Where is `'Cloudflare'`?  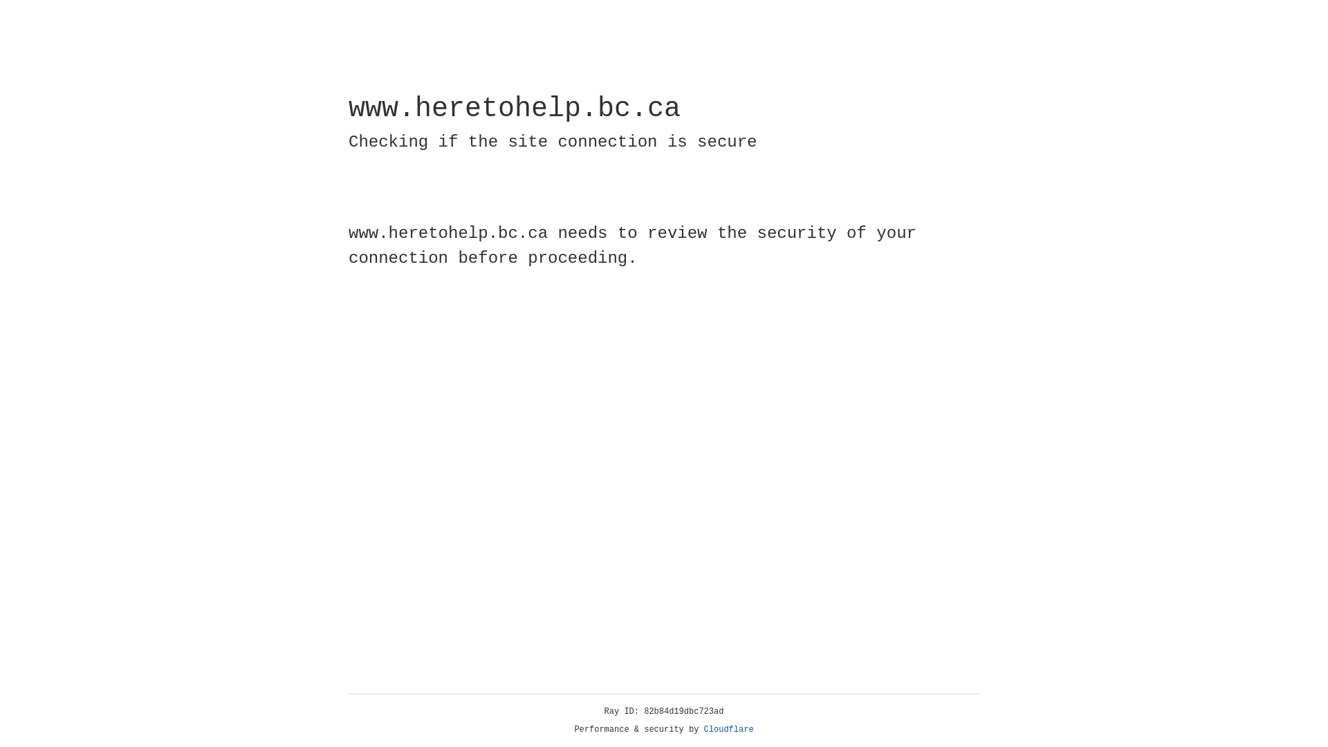
'Cloudflare' is located at coordinates (728, 729).